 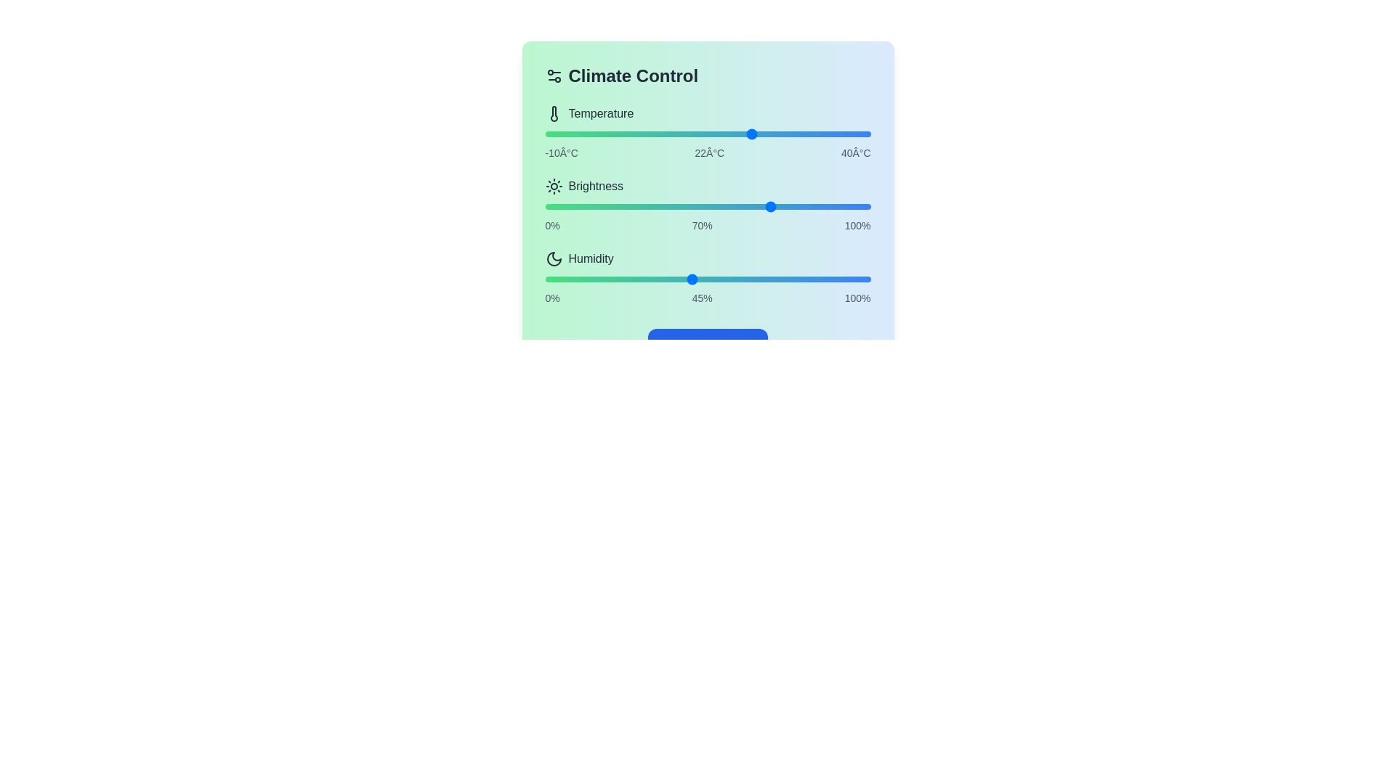 What do you see at coordinates (702, 298) in the screenshot?
I see `the text label displaying '45%' which indicates a value on the humidity slider, positioned between '0%' and '100%'` at bounding box center [702, 298].